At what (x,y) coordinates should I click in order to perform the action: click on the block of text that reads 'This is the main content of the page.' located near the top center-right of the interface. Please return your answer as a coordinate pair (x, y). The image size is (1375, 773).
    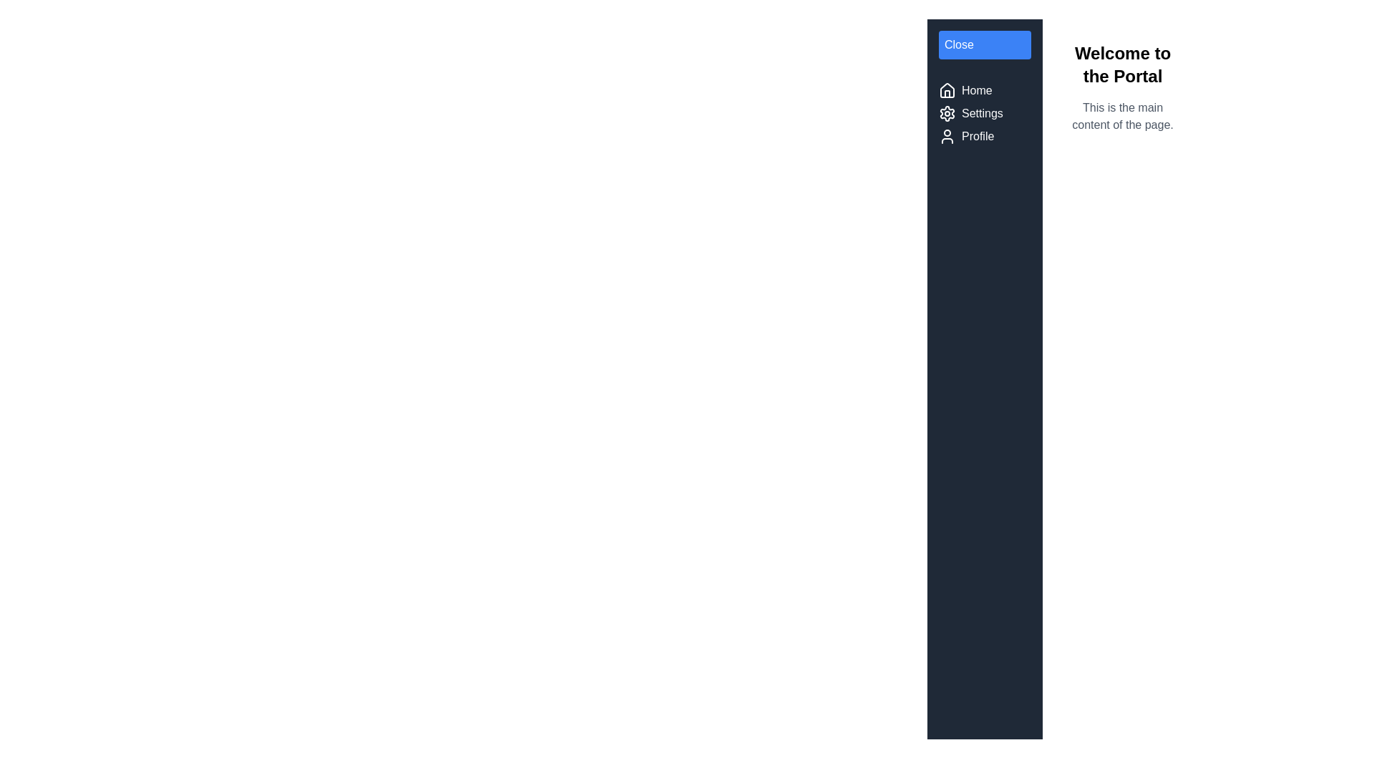
    Looking at the image, I should click on (1122, 115).